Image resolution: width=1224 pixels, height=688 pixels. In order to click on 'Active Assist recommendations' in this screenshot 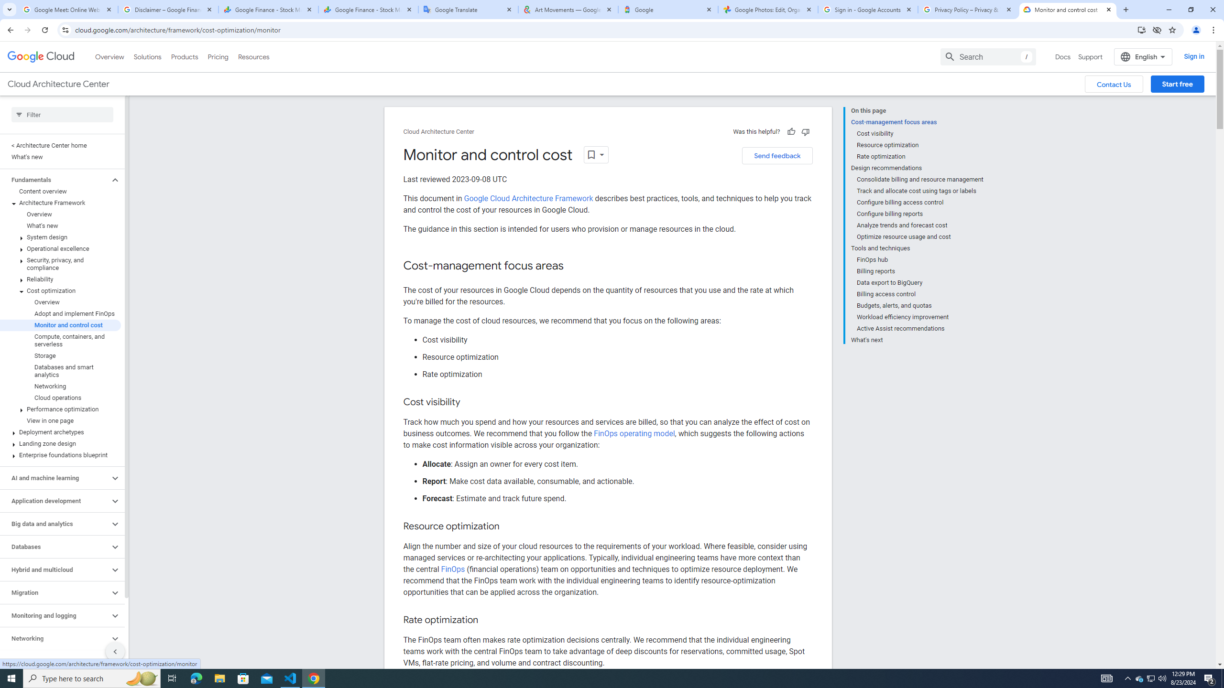, I will do `click(920, 328)`.